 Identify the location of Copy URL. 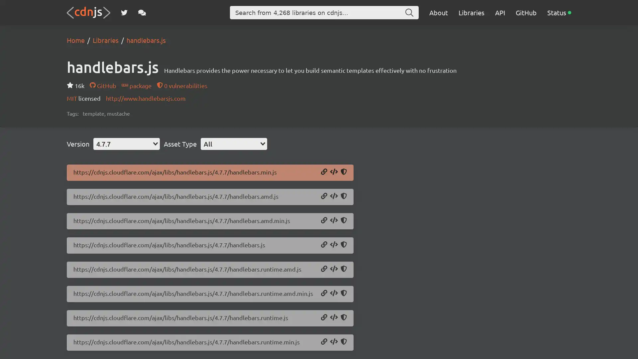
(324, 172).